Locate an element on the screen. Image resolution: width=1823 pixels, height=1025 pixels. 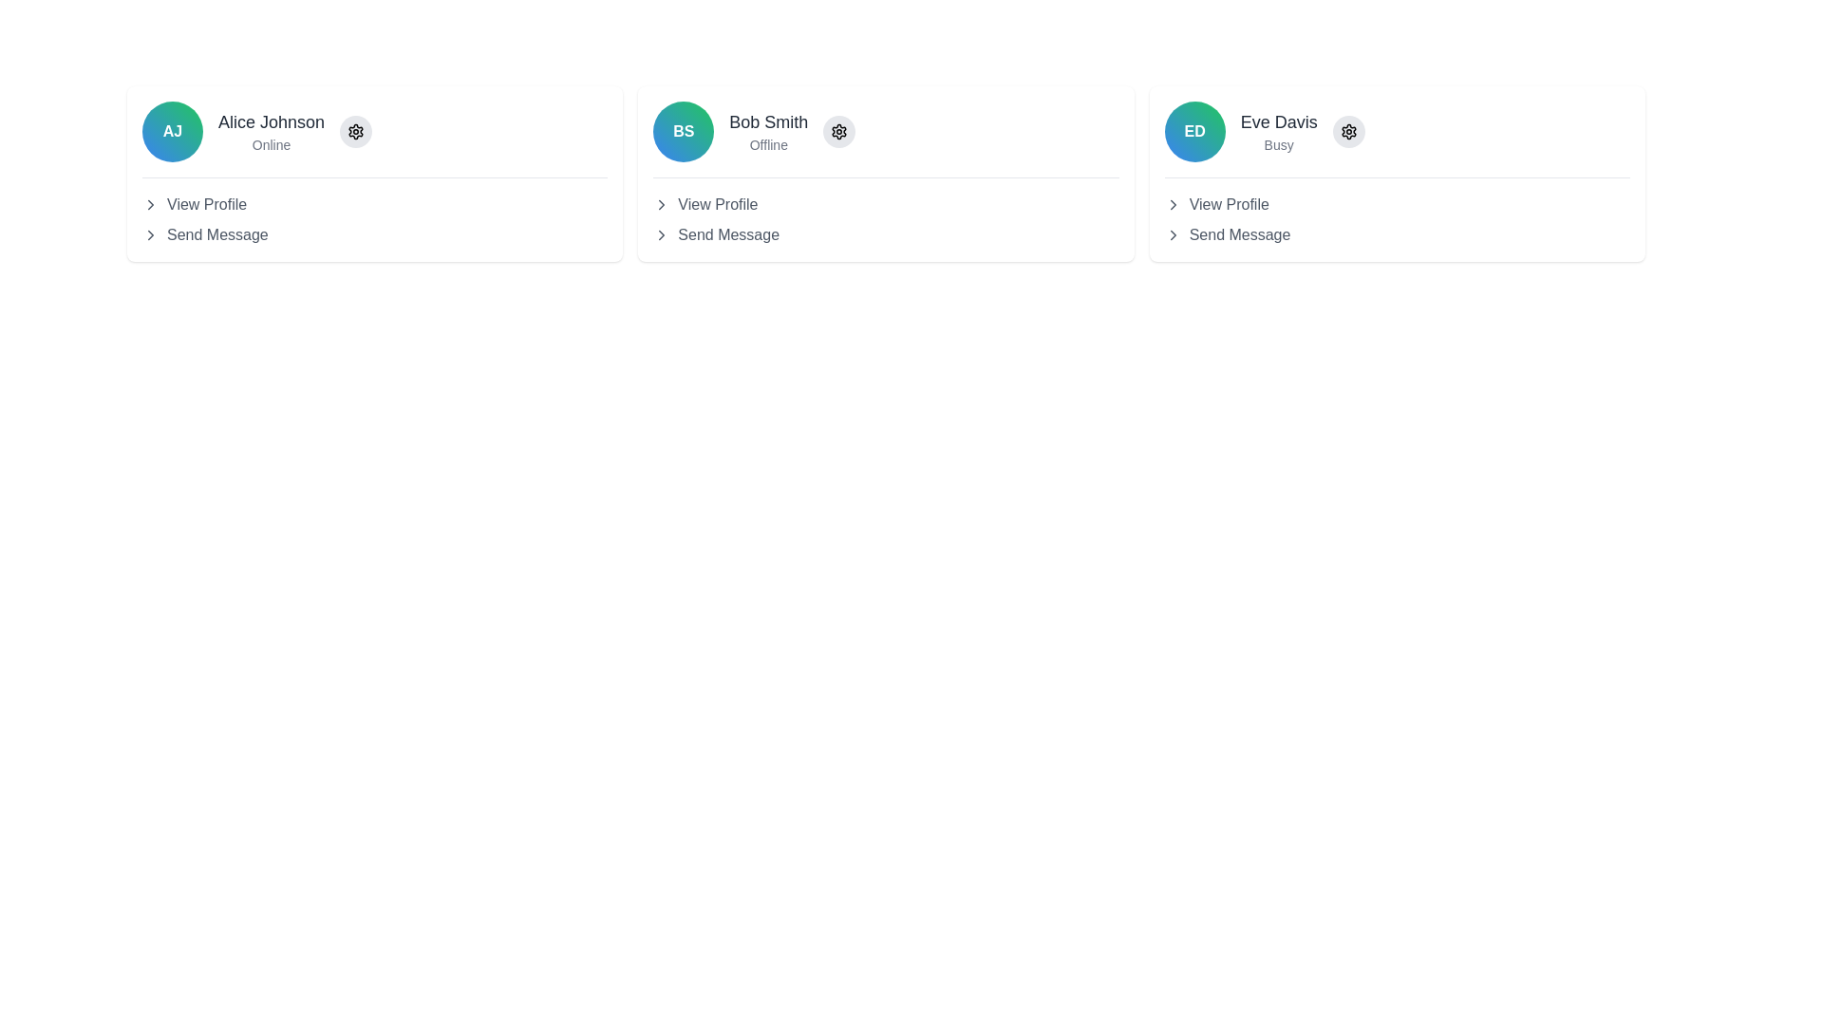
the status indicator text label for 'Eve Davis', which shows that she is currently busy, located beneath her name in the user card is located at coordinates (1279, 144).